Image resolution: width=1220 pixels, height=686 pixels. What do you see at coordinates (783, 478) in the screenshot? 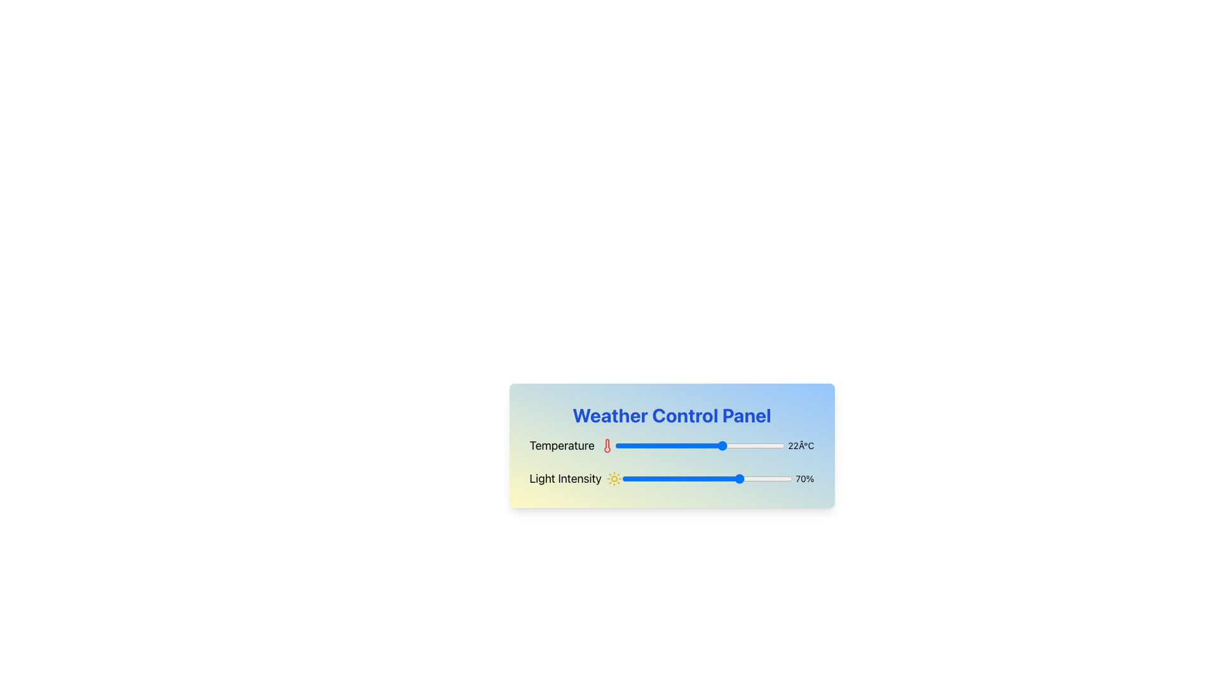
I see `light intensity` at bounding box center [783, 478].